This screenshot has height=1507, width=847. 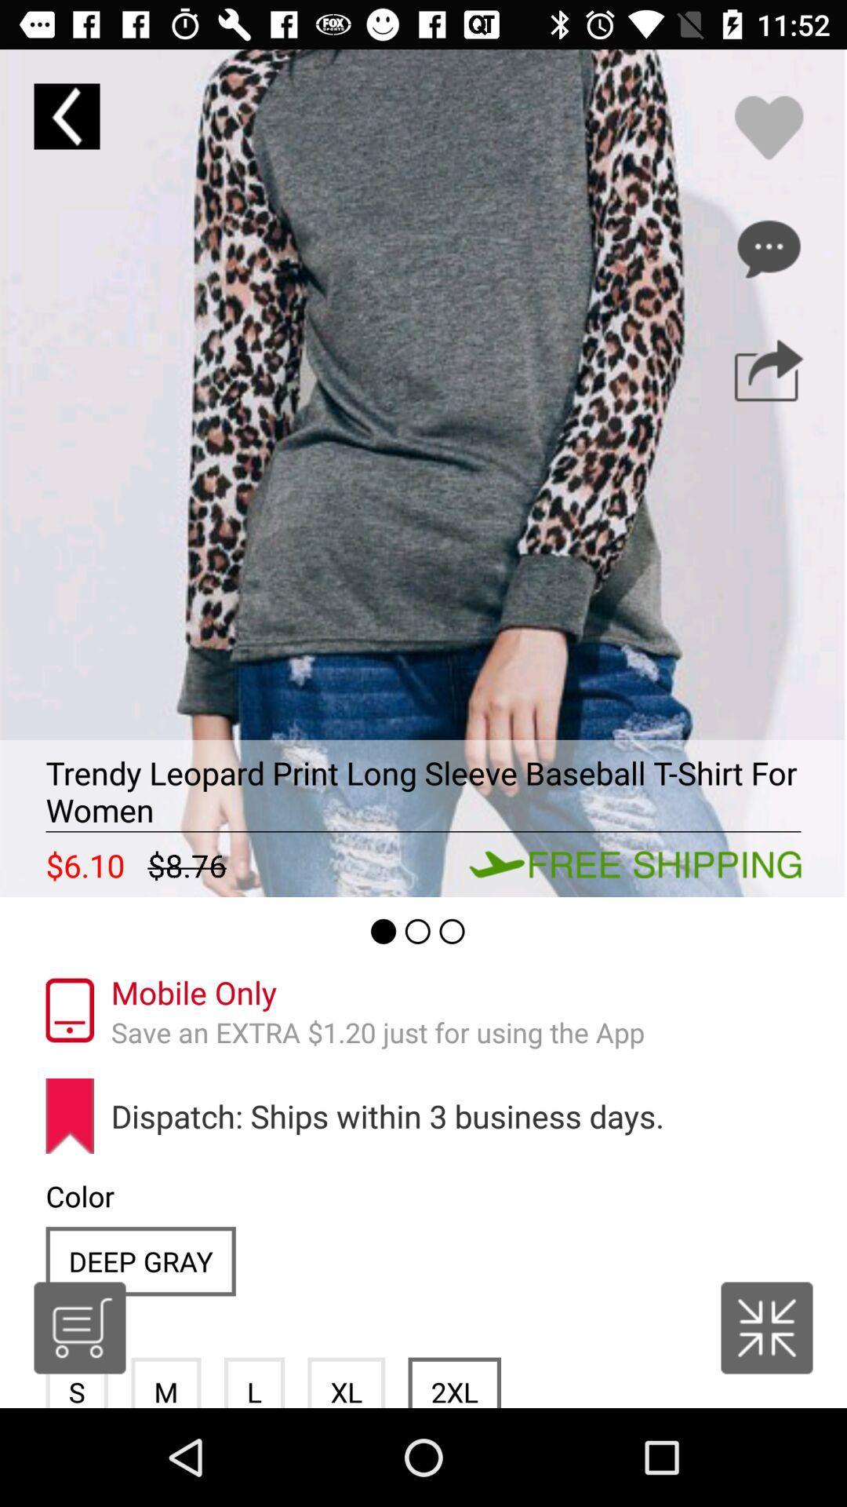 I want to click on the favorite icon, so click(x=768, y=127).